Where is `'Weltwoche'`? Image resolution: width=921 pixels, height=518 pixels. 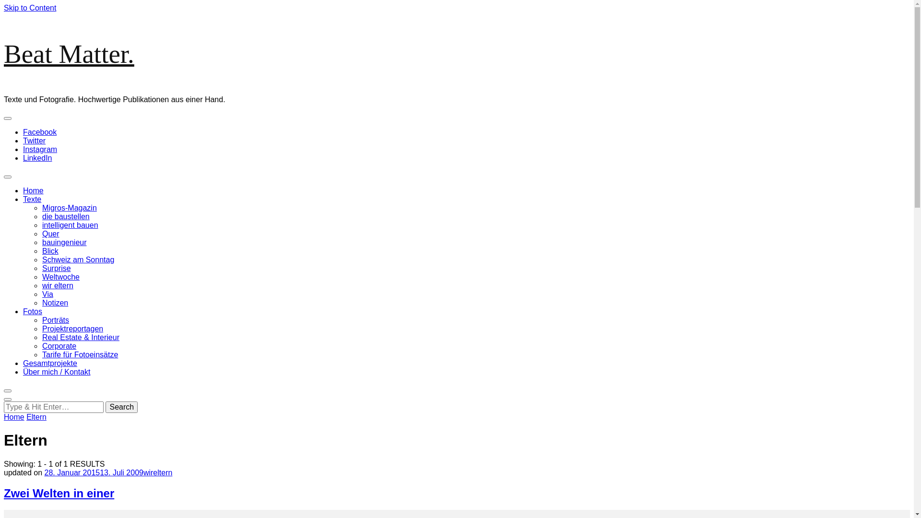
'Weltwoche' is located at coordinates (60, 277).